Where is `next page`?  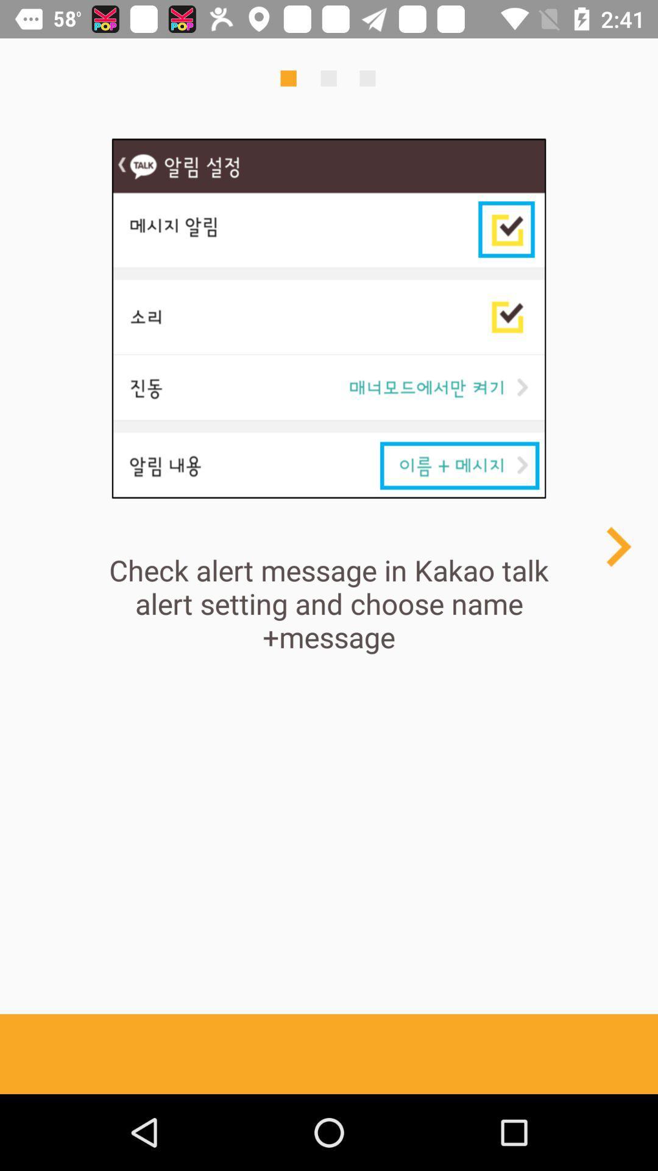
next page is located at coordinates (618, 546).